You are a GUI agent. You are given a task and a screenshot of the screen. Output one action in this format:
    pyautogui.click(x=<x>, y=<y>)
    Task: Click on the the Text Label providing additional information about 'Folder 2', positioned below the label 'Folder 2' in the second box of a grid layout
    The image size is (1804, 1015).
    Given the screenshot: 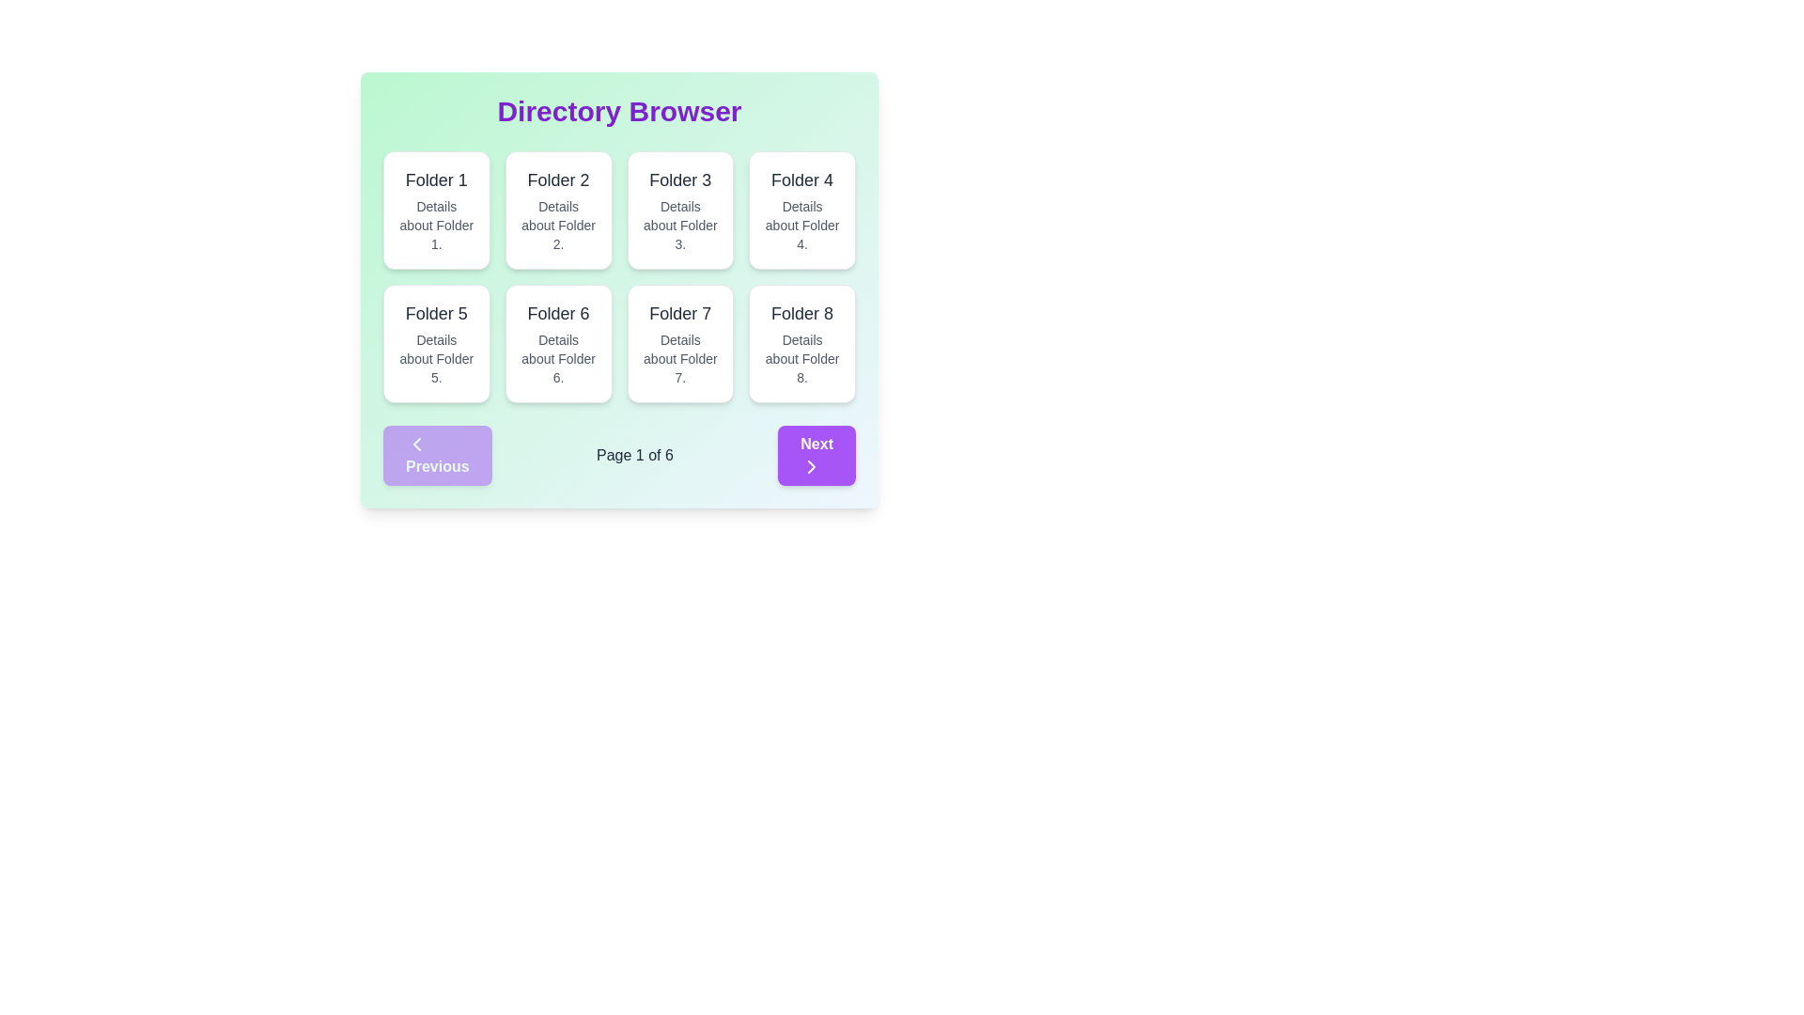 What is the action you would take?
    pyautogui.click(x=557, y=224)
    